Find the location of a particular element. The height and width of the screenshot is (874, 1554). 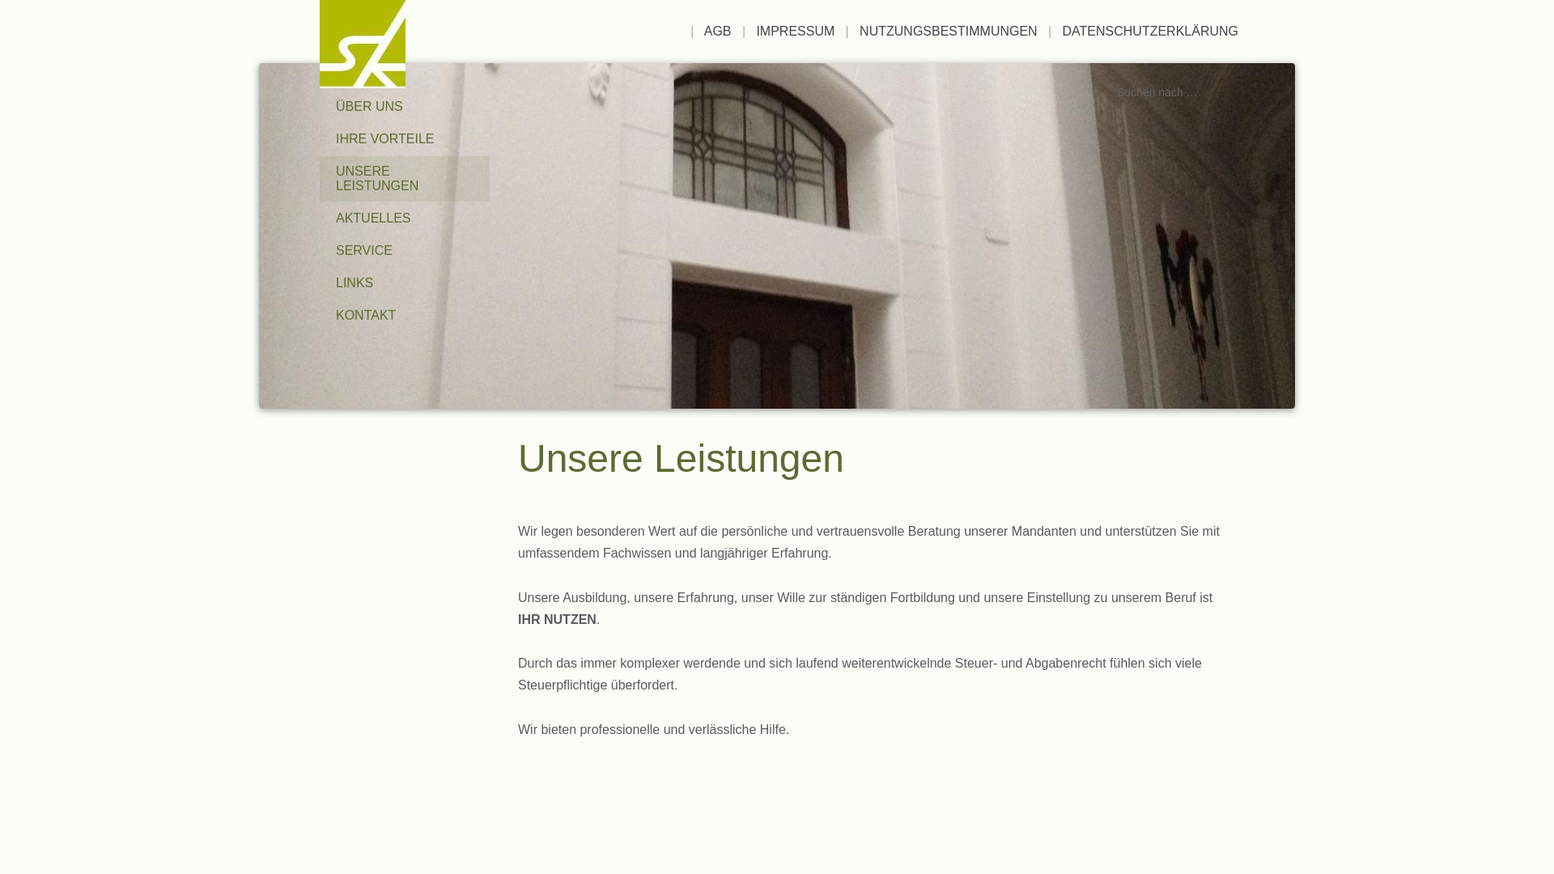

'NUTZUNGSBESTIMMUNGEN' is located at coordinates (948, 31).